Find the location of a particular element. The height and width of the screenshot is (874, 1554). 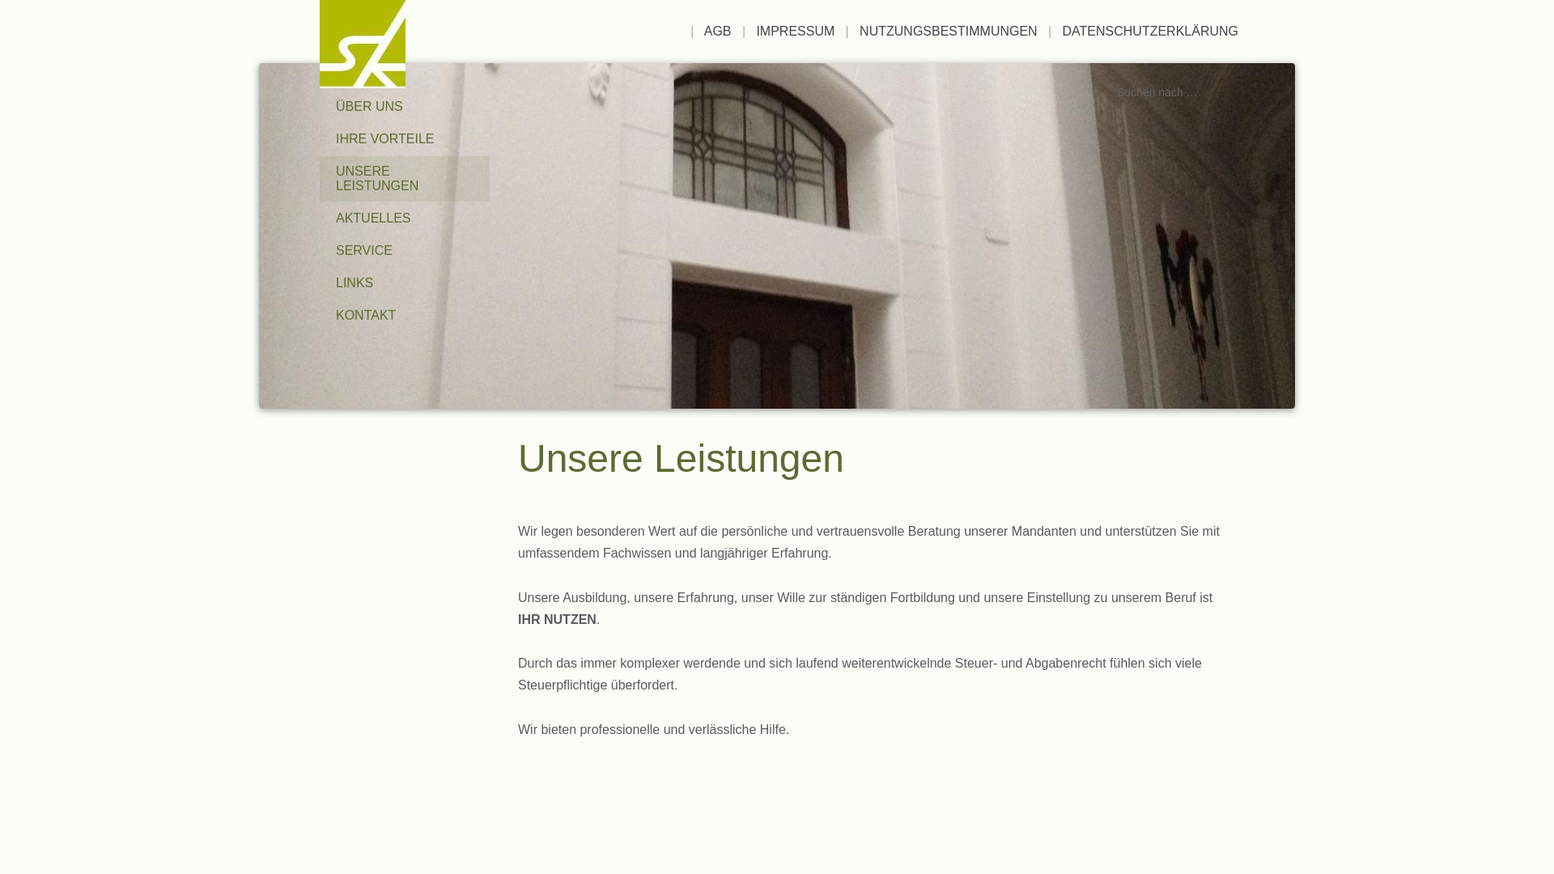

'NUTZUNGSBESTIMMUNGEN' is located at coordinates (948, 31).